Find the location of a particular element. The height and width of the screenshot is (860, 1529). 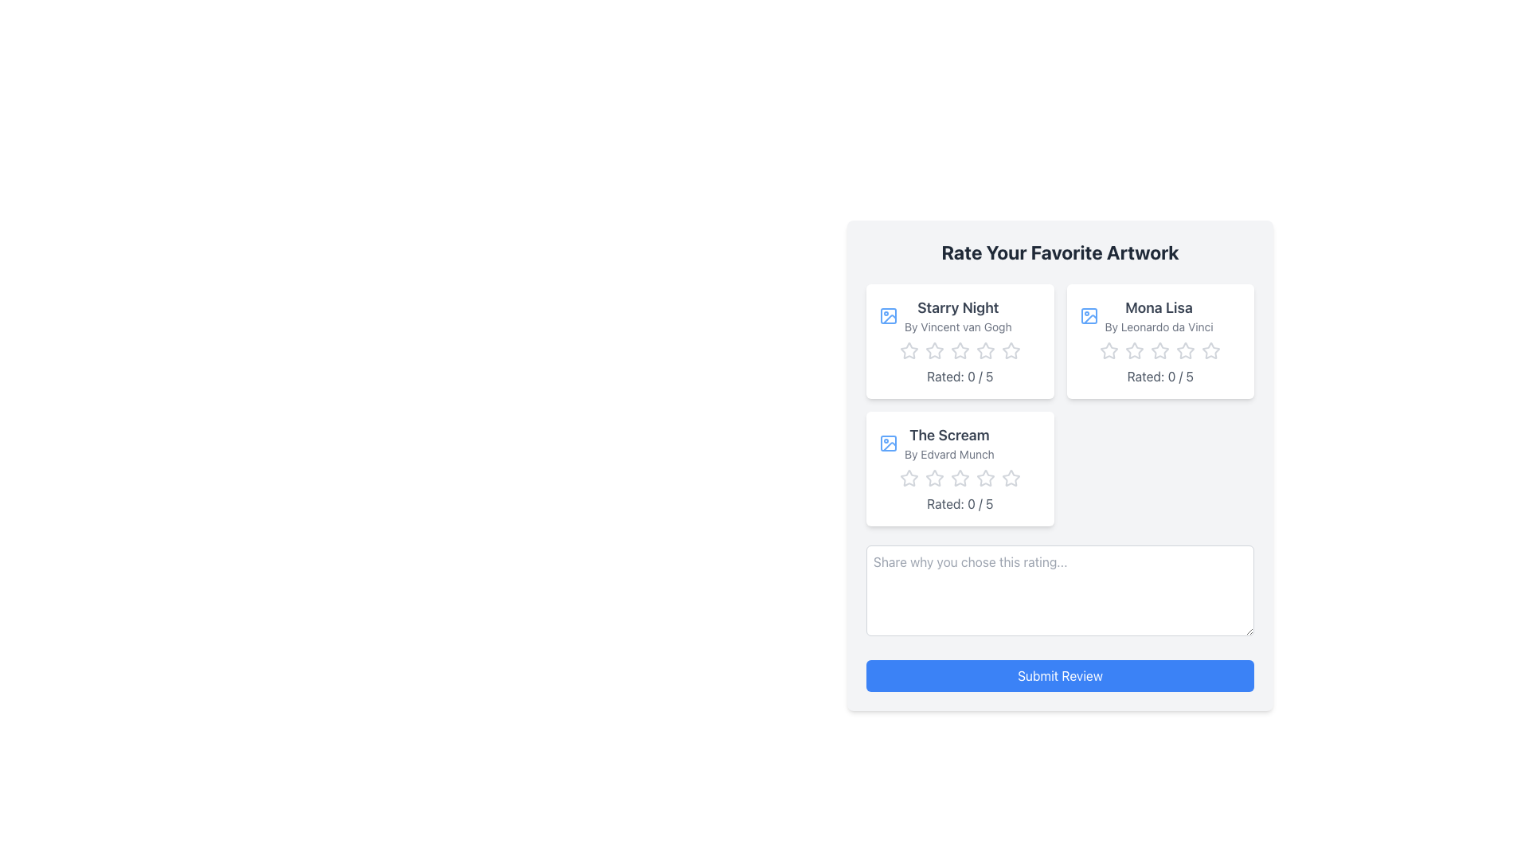

the first star icon with a light gray outline in the rating section under 'The Scream' artwork to give a rating is located at coordinates (934, 477).